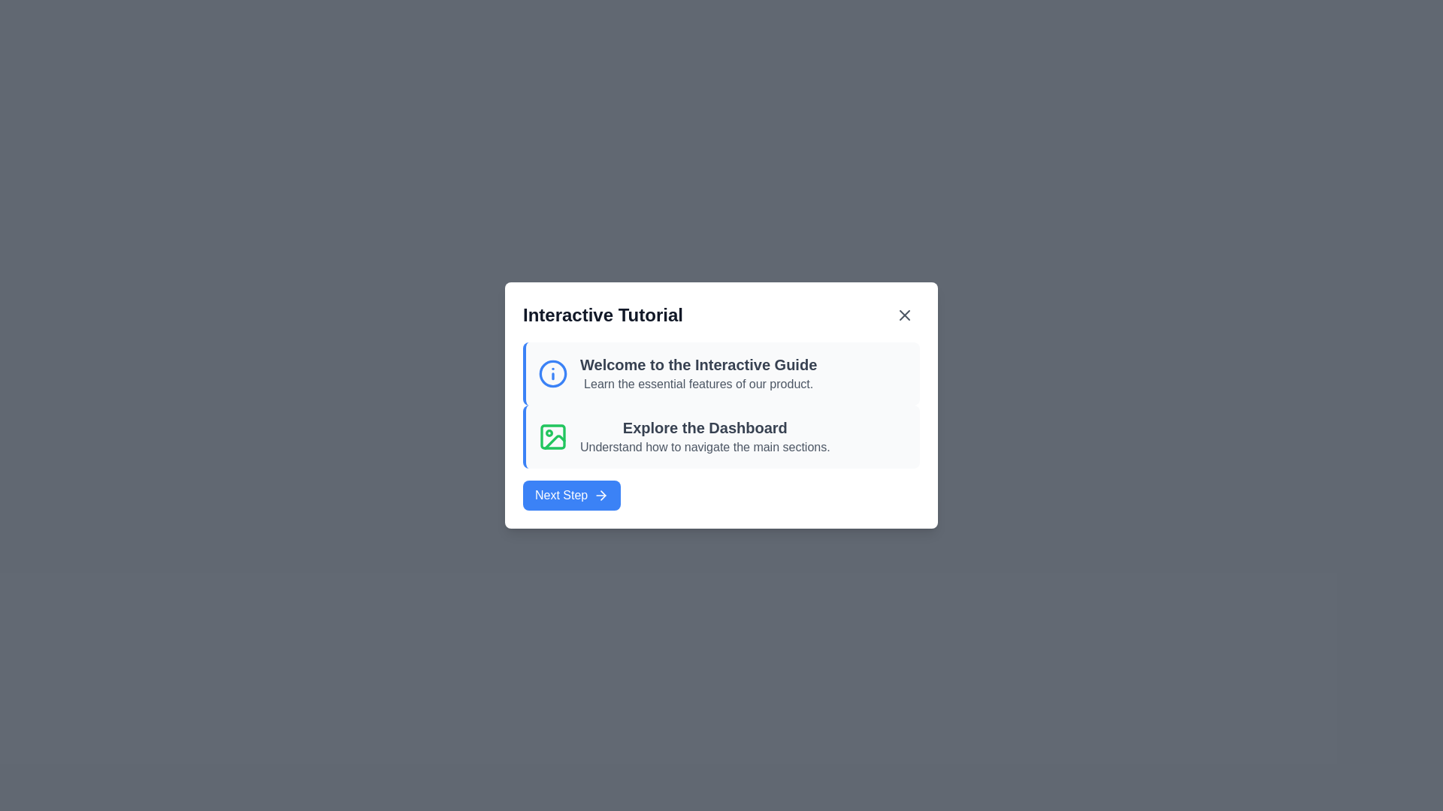 Image resolution: width=1443 pixels, height=811 pixels. Describe the element at coordinates (552, 437) in the screenshot. I see `the rounded rectangle graphical element located on the left side of the 'Explore the Dashboard' tutorial icon` at that location.